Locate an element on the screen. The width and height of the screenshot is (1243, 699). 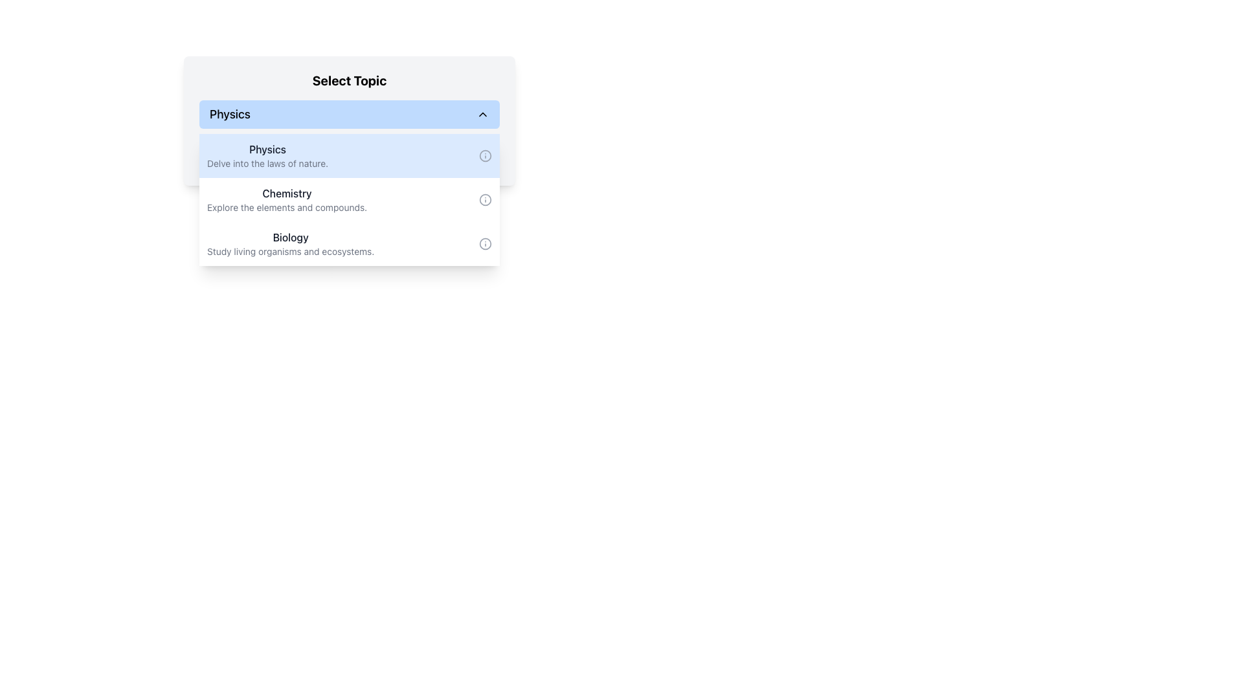
text display that shows 'Delve into the laws of nature.' located in the 'Physics' section immediately below the heading 'Physics' is located at coordinates (267, 163).